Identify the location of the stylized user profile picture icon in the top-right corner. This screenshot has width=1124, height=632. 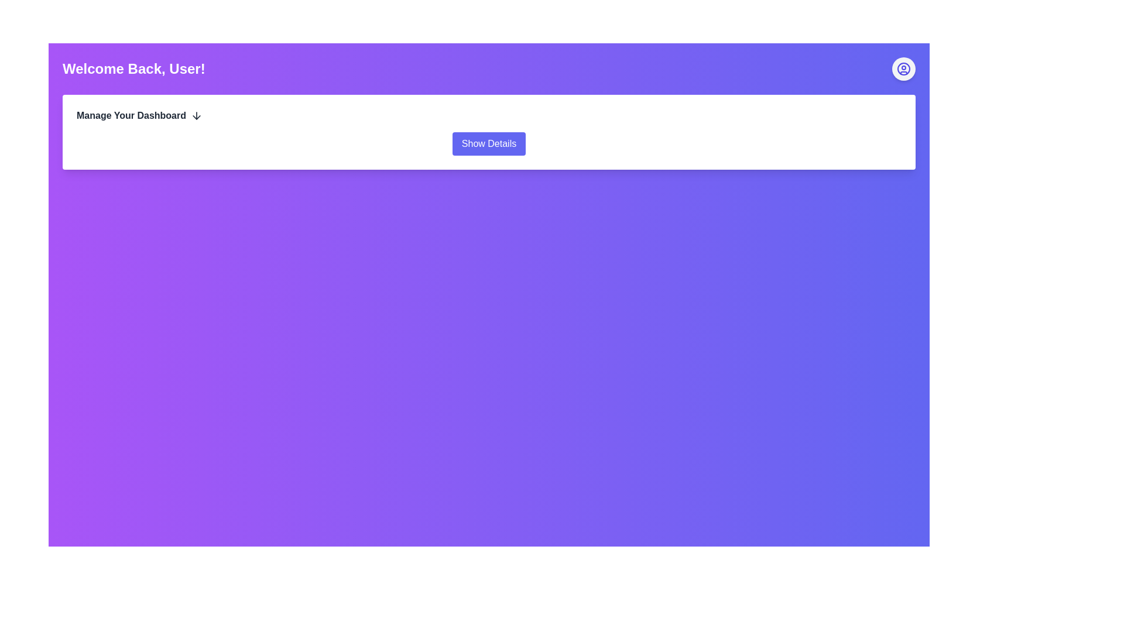
(903, 69).